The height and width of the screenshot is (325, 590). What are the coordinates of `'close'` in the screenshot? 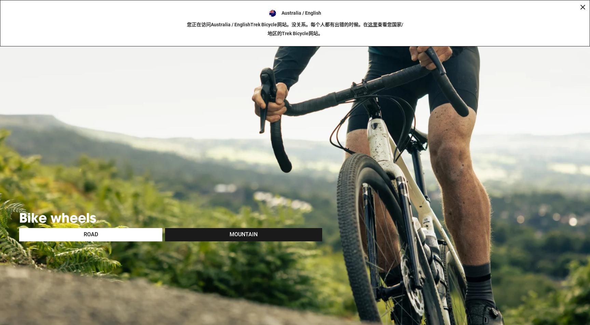 It's located at (582, 38).